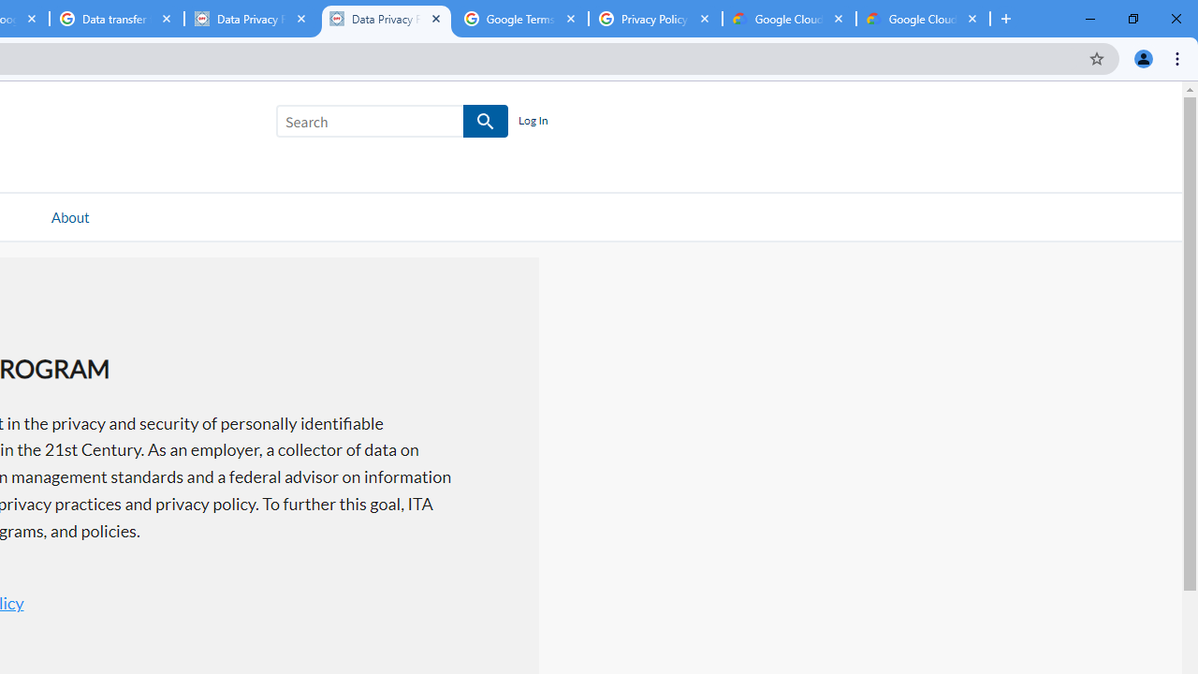 The height and width of the screenshot is (674, 1198). Describe the element at coordinates (532, 121) in the screenshot. I see `'Log In'` at that location.